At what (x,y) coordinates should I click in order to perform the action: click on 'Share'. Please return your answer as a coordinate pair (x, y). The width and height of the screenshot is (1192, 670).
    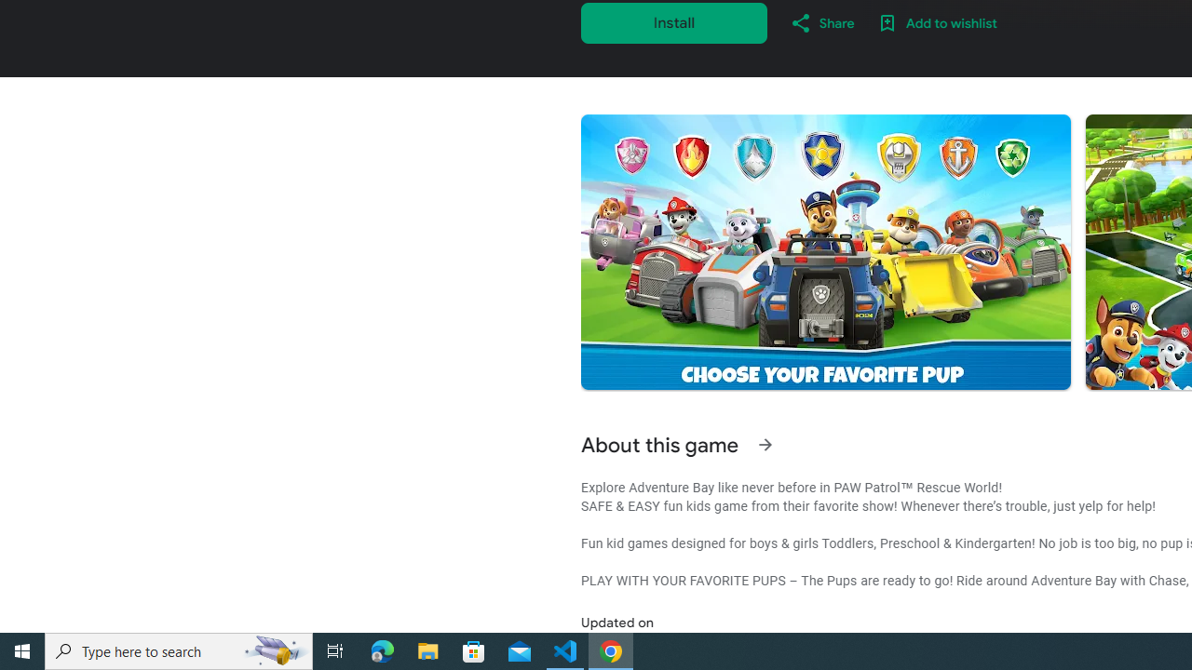
    Looking at the image, I should click on (819, 22).